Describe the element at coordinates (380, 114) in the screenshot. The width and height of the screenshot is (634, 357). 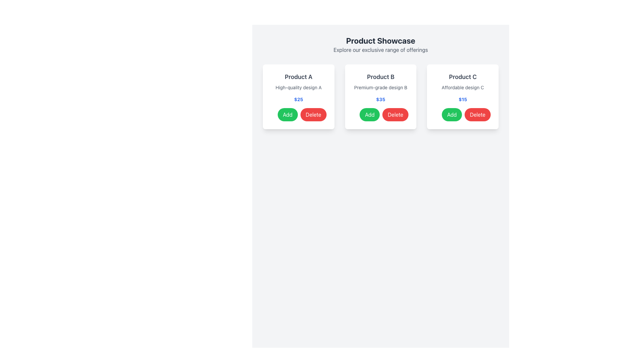
I see `the group of buttons labeled 'Add' and 'Delete' within the card for 'Product B' to trigger their hover state effects` at that location.